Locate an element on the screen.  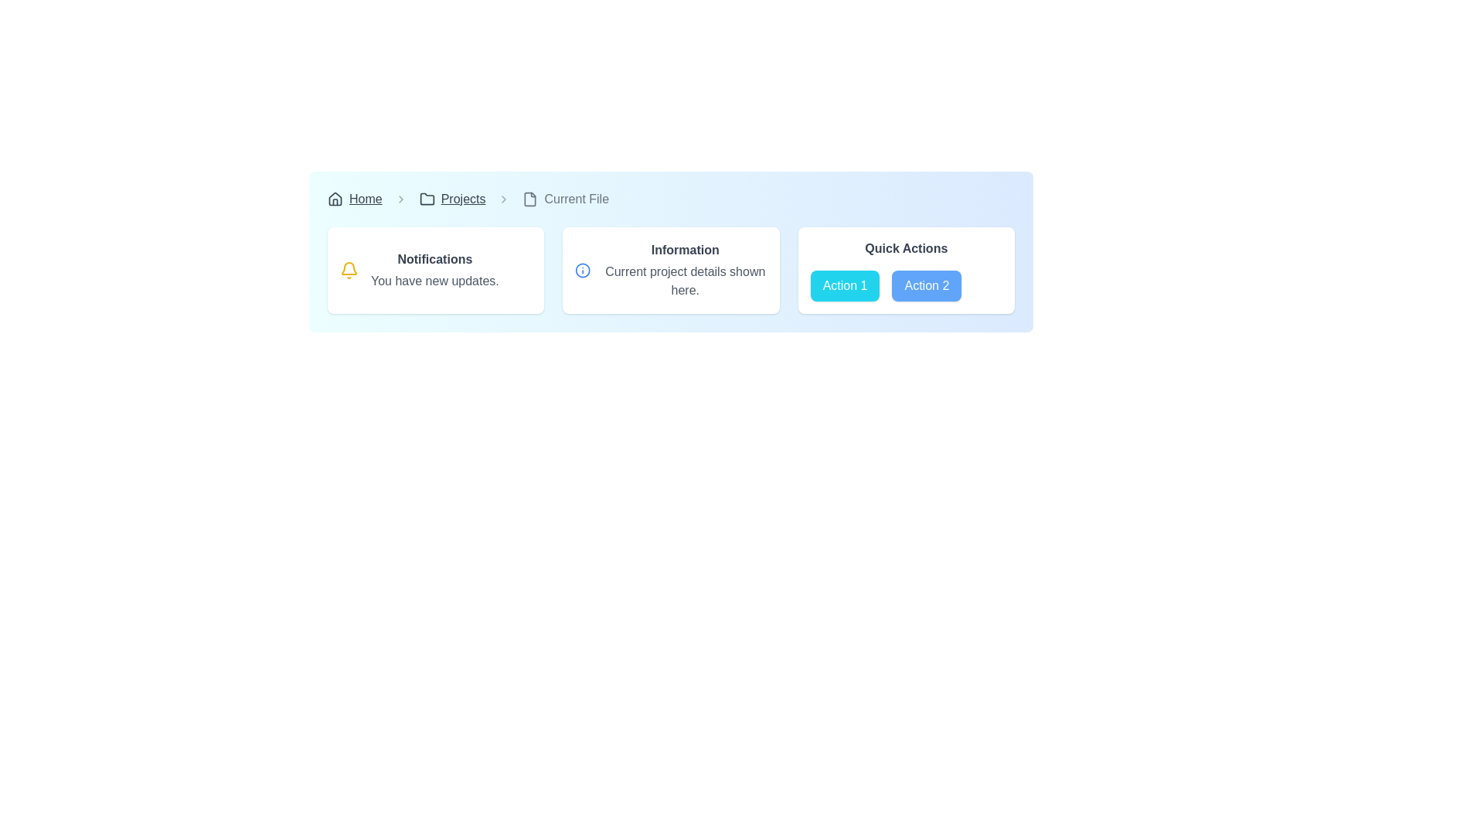
the breadcrumb link in the navigation bar located at the top of the section is located at coordinates (671, 199).